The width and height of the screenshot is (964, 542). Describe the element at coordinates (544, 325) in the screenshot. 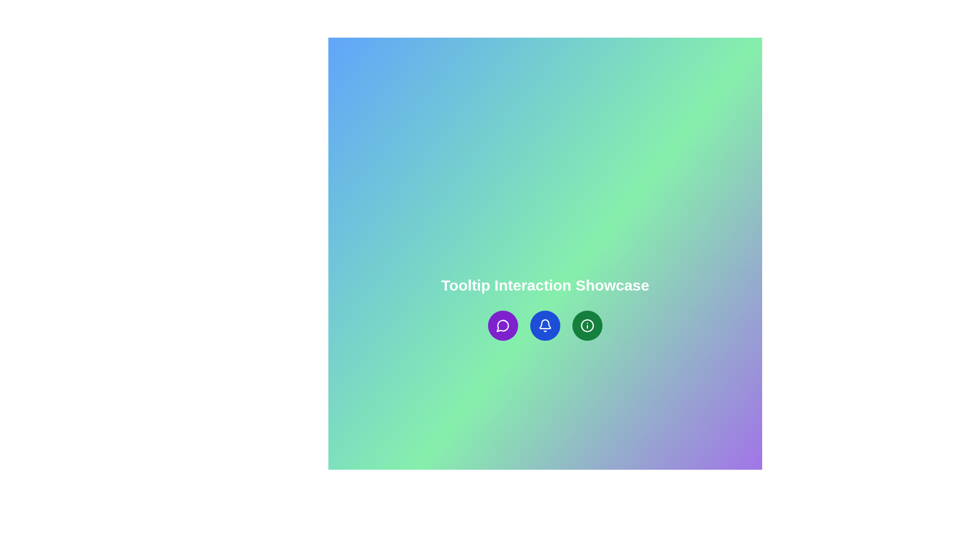

I see `the notification bell icon, which is centrally positioned inside a blue circular button` at that location.